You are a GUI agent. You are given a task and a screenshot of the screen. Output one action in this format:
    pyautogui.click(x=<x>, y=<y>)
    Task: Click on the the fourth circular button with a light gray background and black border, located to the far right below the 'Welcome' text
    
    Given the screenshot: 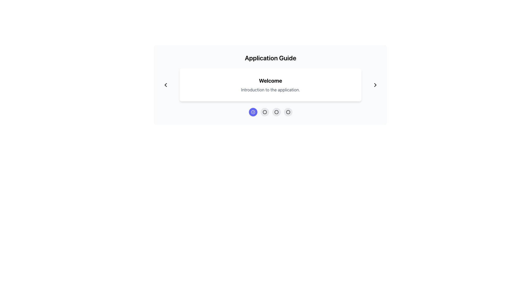 What is the action you would take?
    pyautogui.click(x=288, y=112)
    